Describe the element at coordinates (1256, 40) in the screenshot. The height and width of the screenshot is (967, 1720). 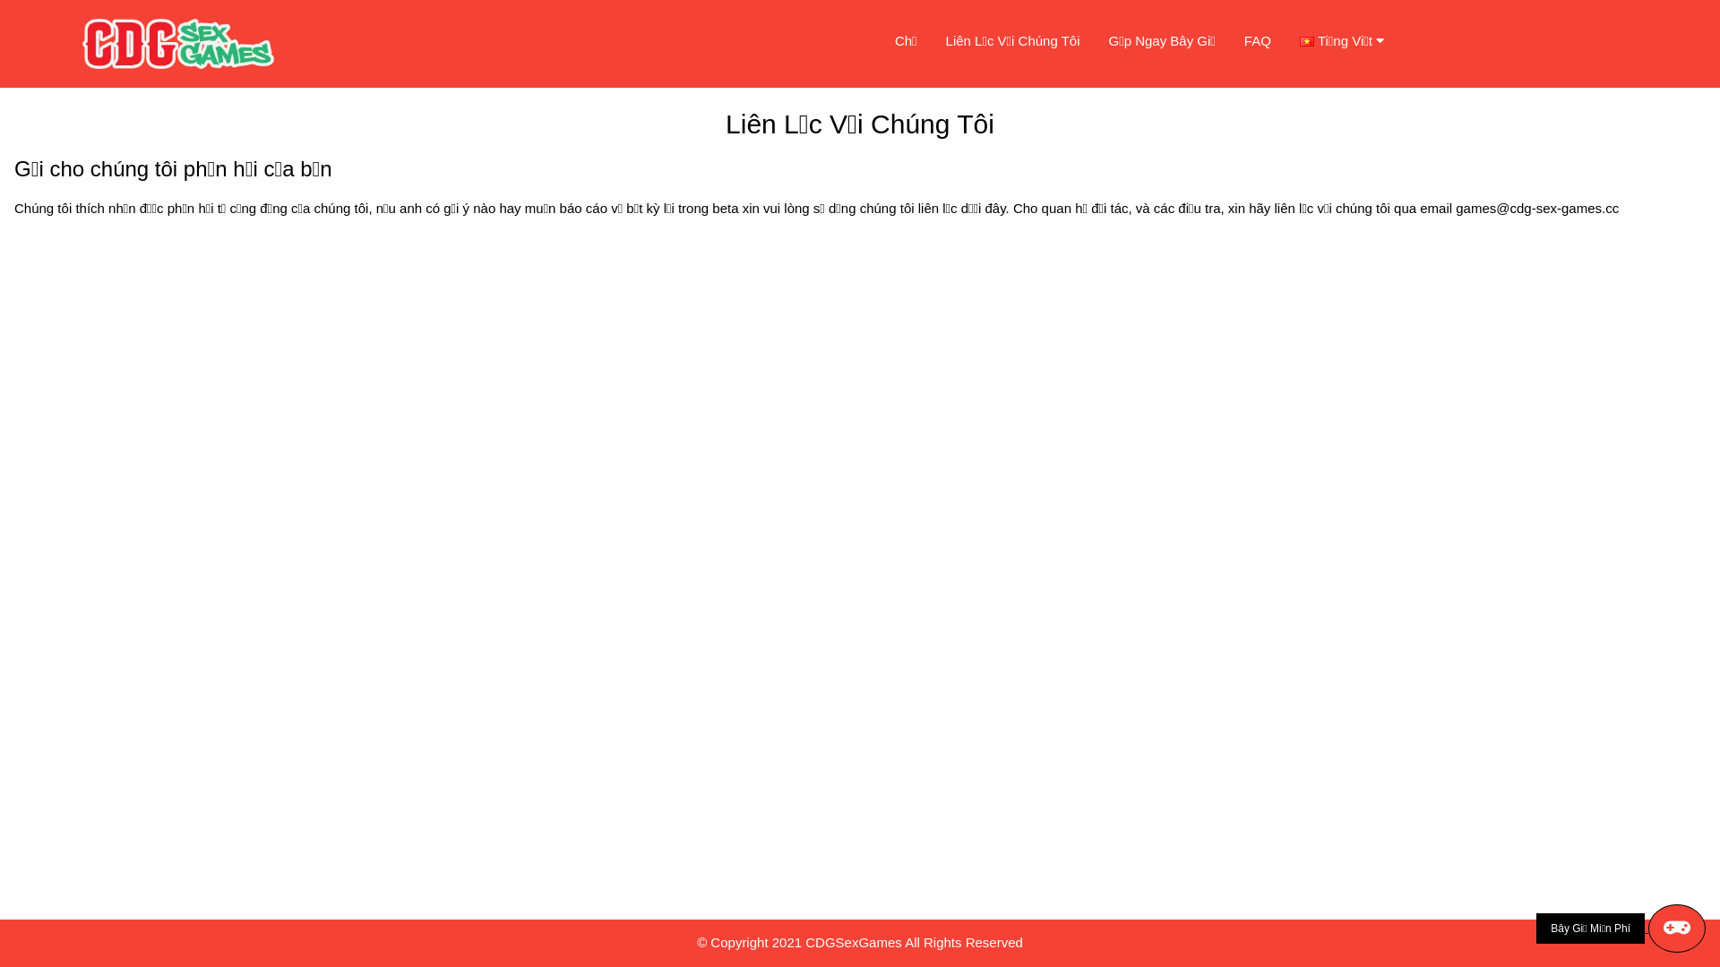
I see `'FAQ'` at that location.